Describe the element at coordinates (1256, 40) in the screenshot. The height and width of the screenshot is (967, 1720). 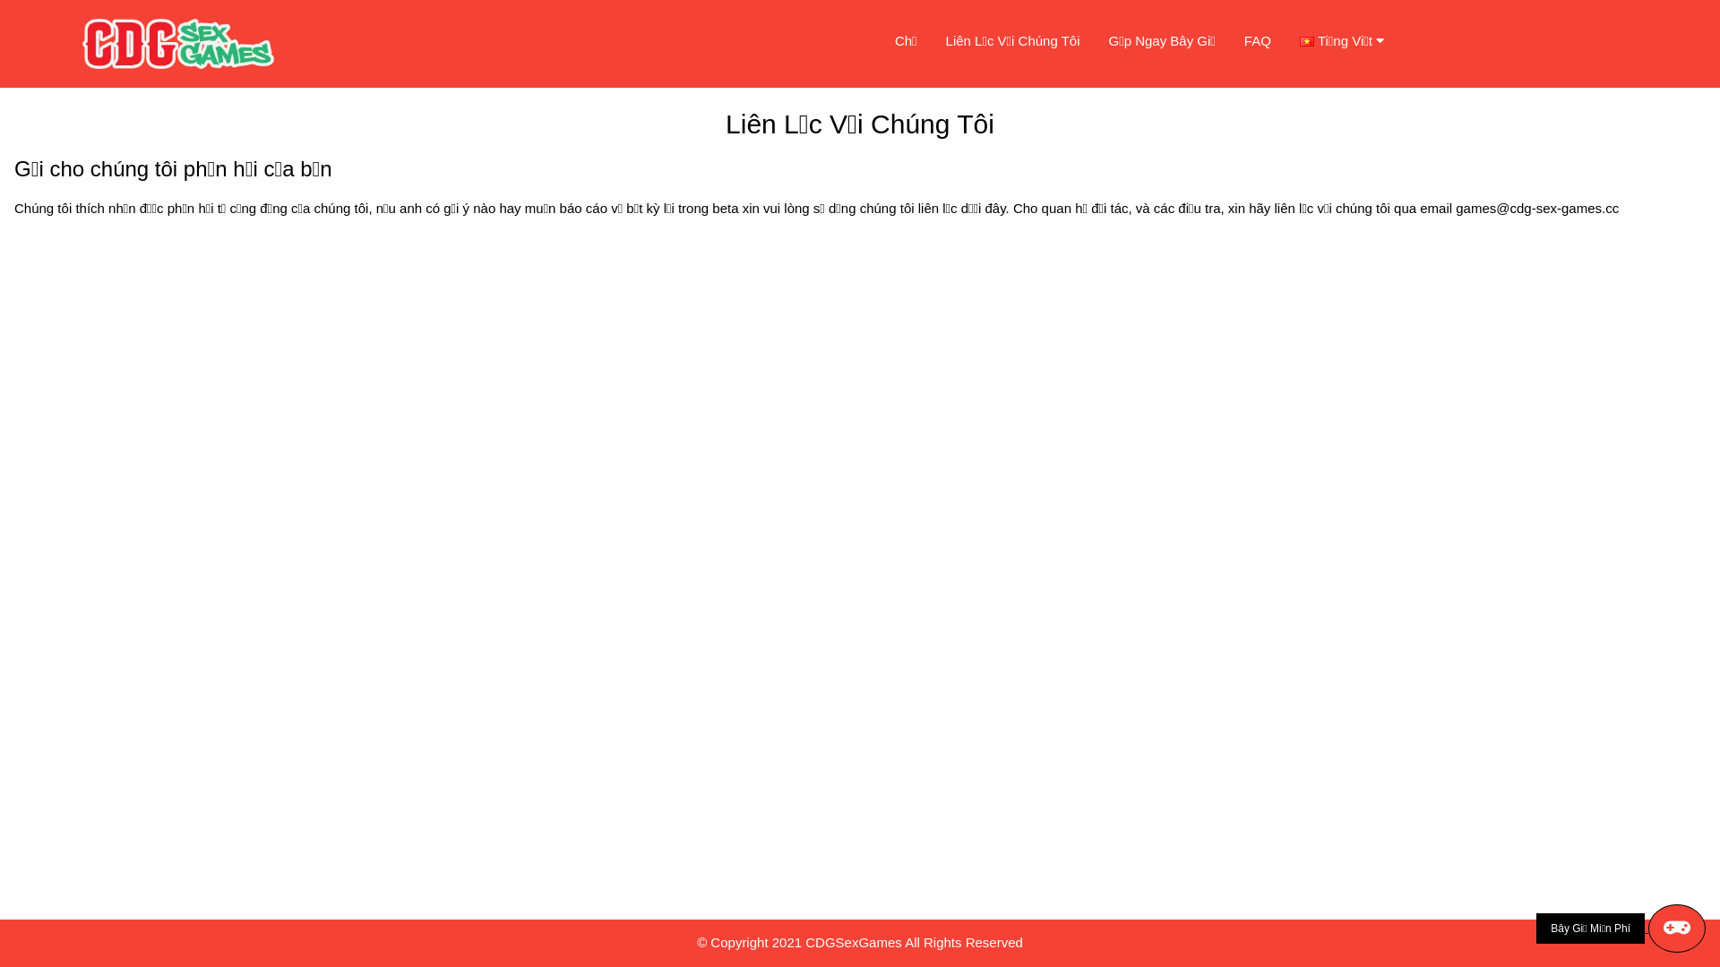
I see `'FAQ'` at that location.